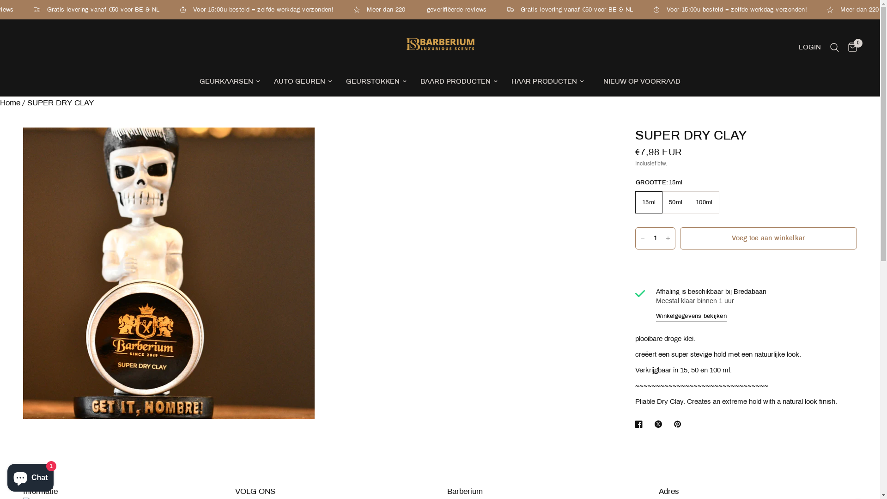 This screenshot has width=887, height=499. Describe the element at coordinates (0, 103) in the screenshot. I see `'Home'` at that location.